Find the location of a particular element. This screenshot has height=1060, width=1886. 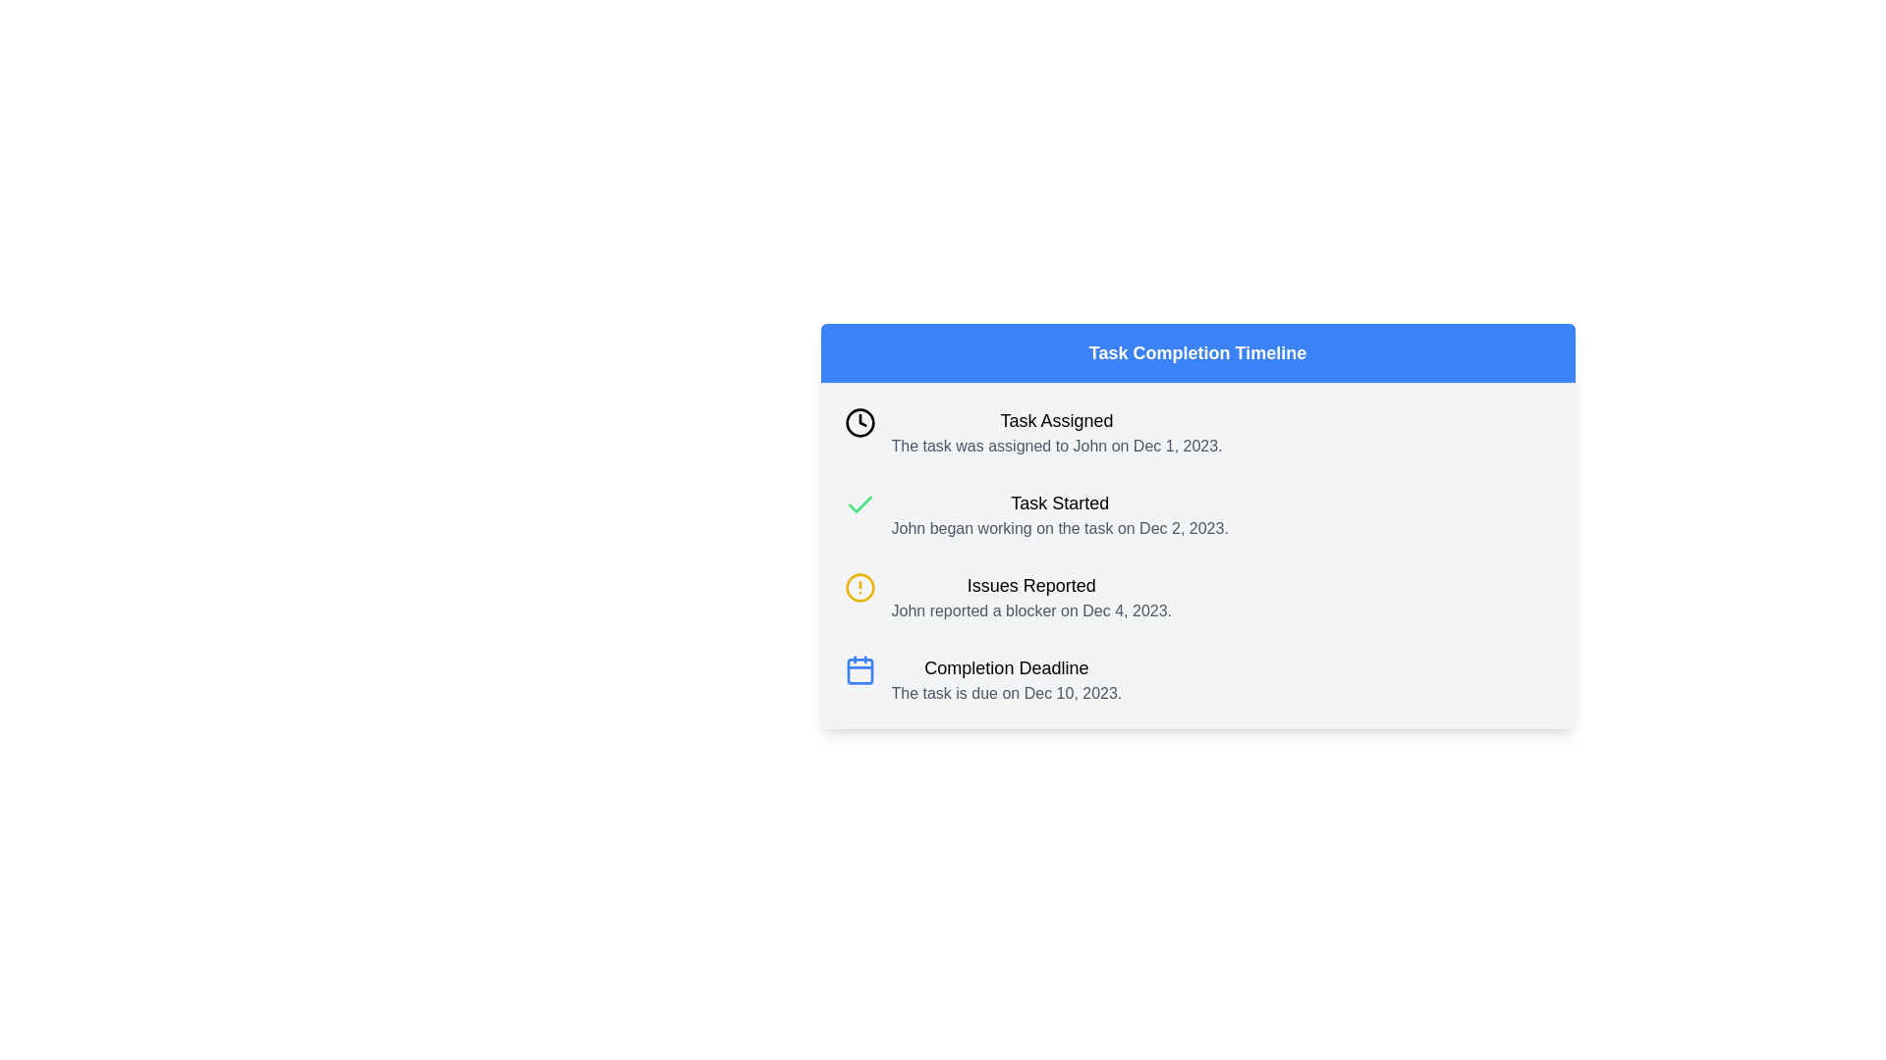

the informative list item that displays 'Issues Reported' and its subtext, which is the third entry in the 'Task Completion Timeline' section is located at coordinates (1196, 597).